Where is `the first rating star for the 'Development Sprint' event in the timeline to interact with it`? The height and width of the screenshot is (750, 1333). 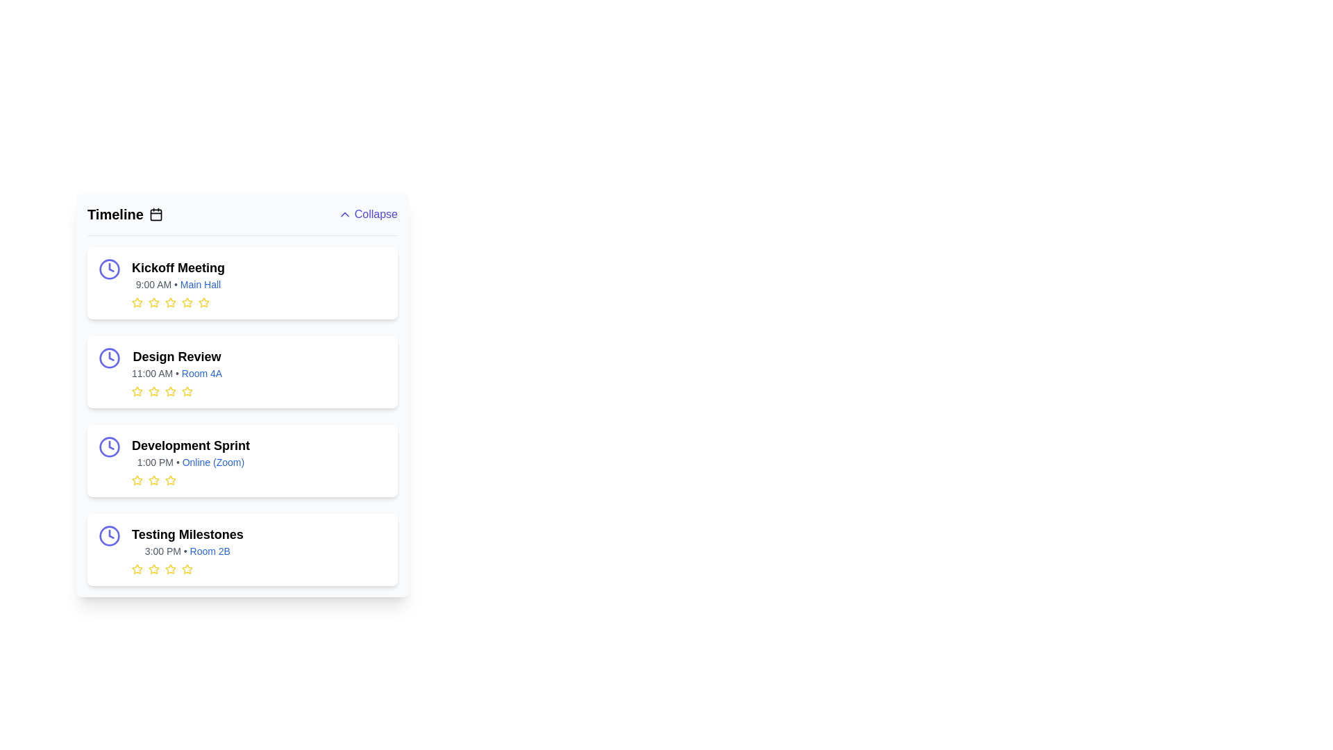 the first rating star for the 'Development Sprint' event in the timeline to interact with it is located at coordinates (169, 479).